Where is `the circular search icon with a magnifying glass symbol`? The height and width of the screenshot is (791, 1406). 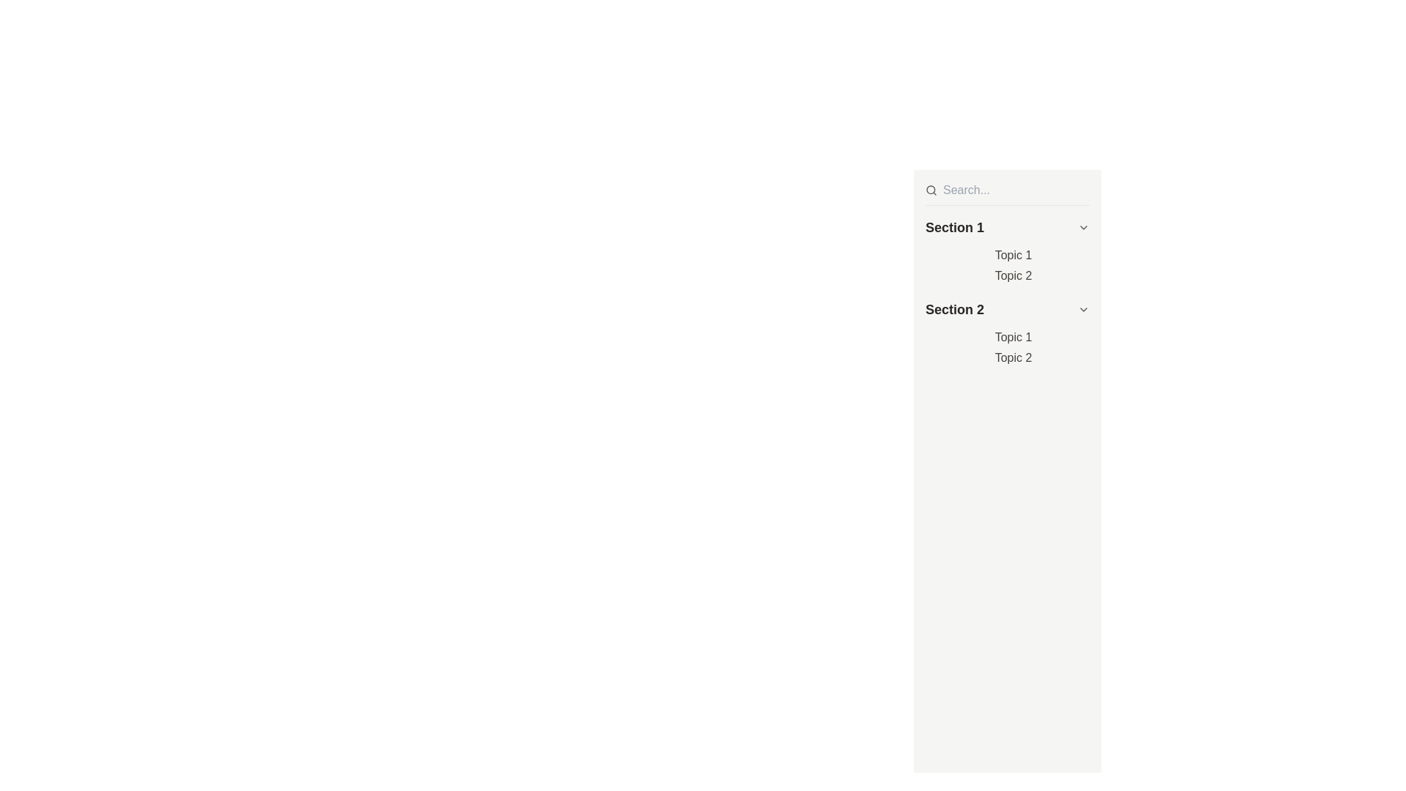
the circular search icon with a magnifying glass symbol is located at coordinates (931, 189).